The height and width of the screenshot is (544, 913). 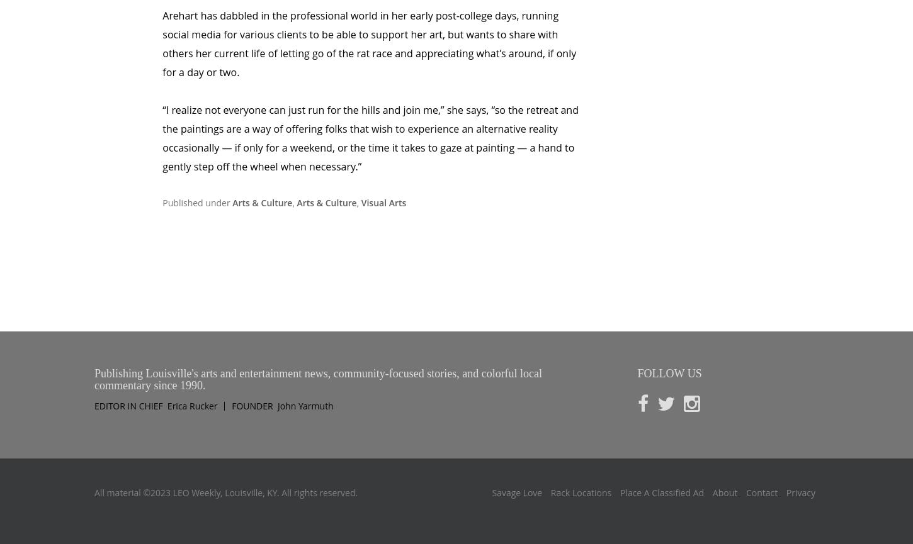 I want to click on 'Contact', so click(x=761, y=439).